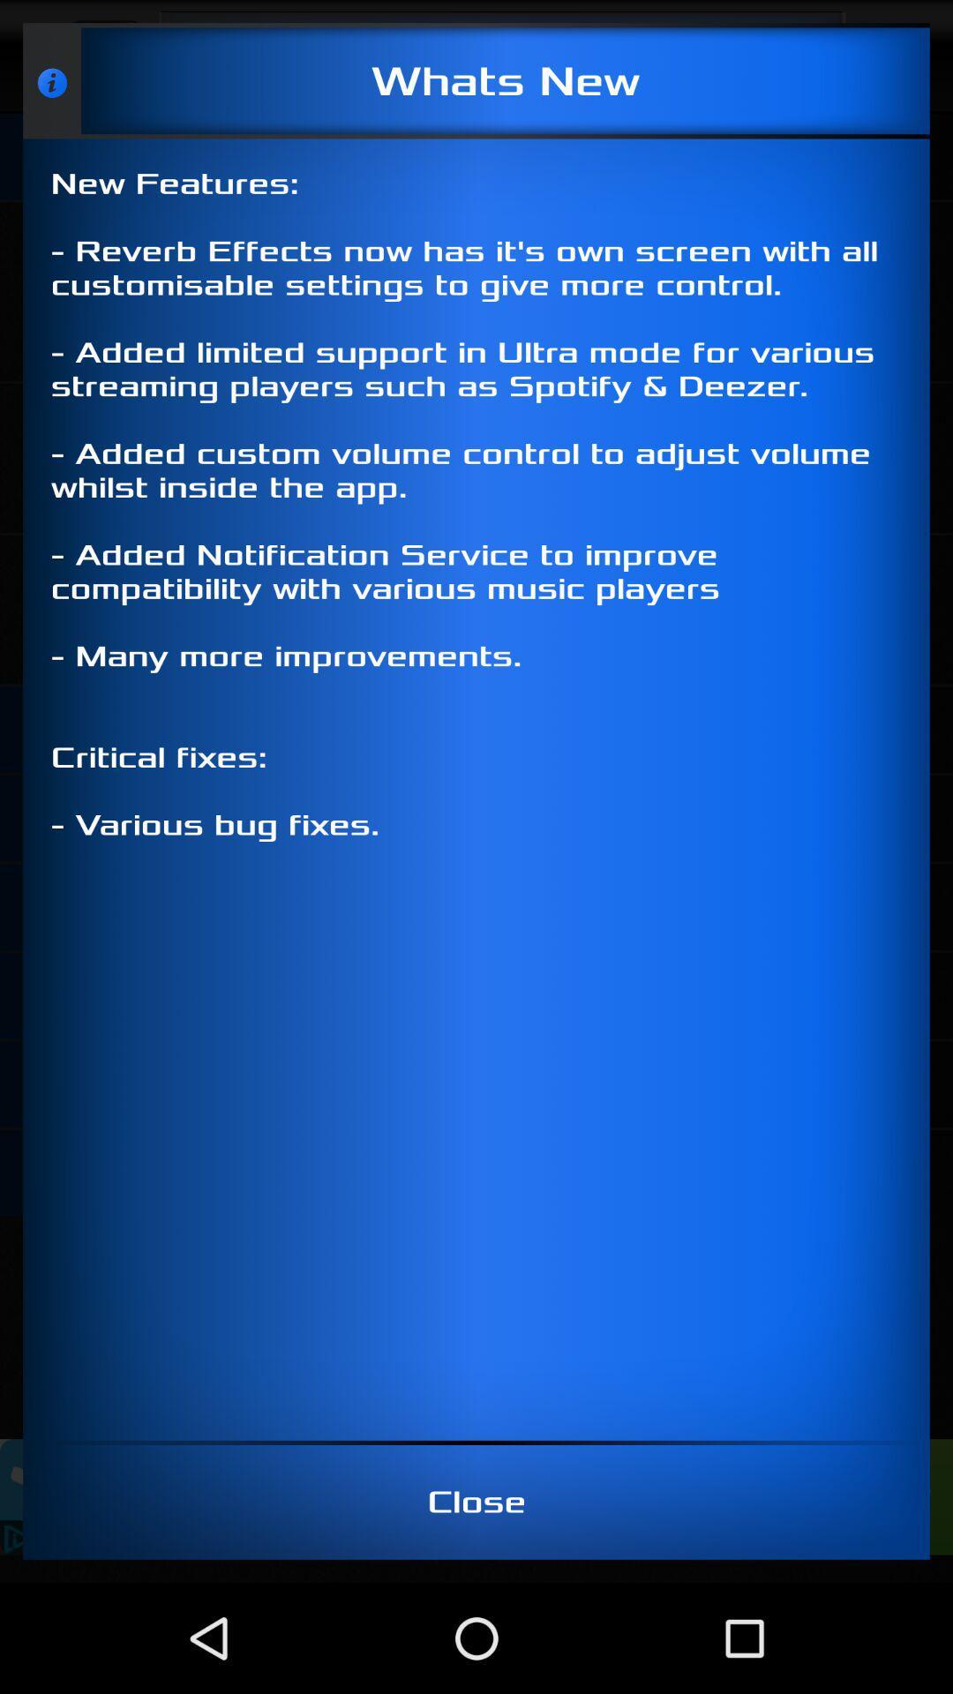 Image resolution: width=953 pixels, height=1694 pixels. What do you see at coordinates (476, 1501) in the screenshot?
I see `close` at bounding box center [476, 1501].